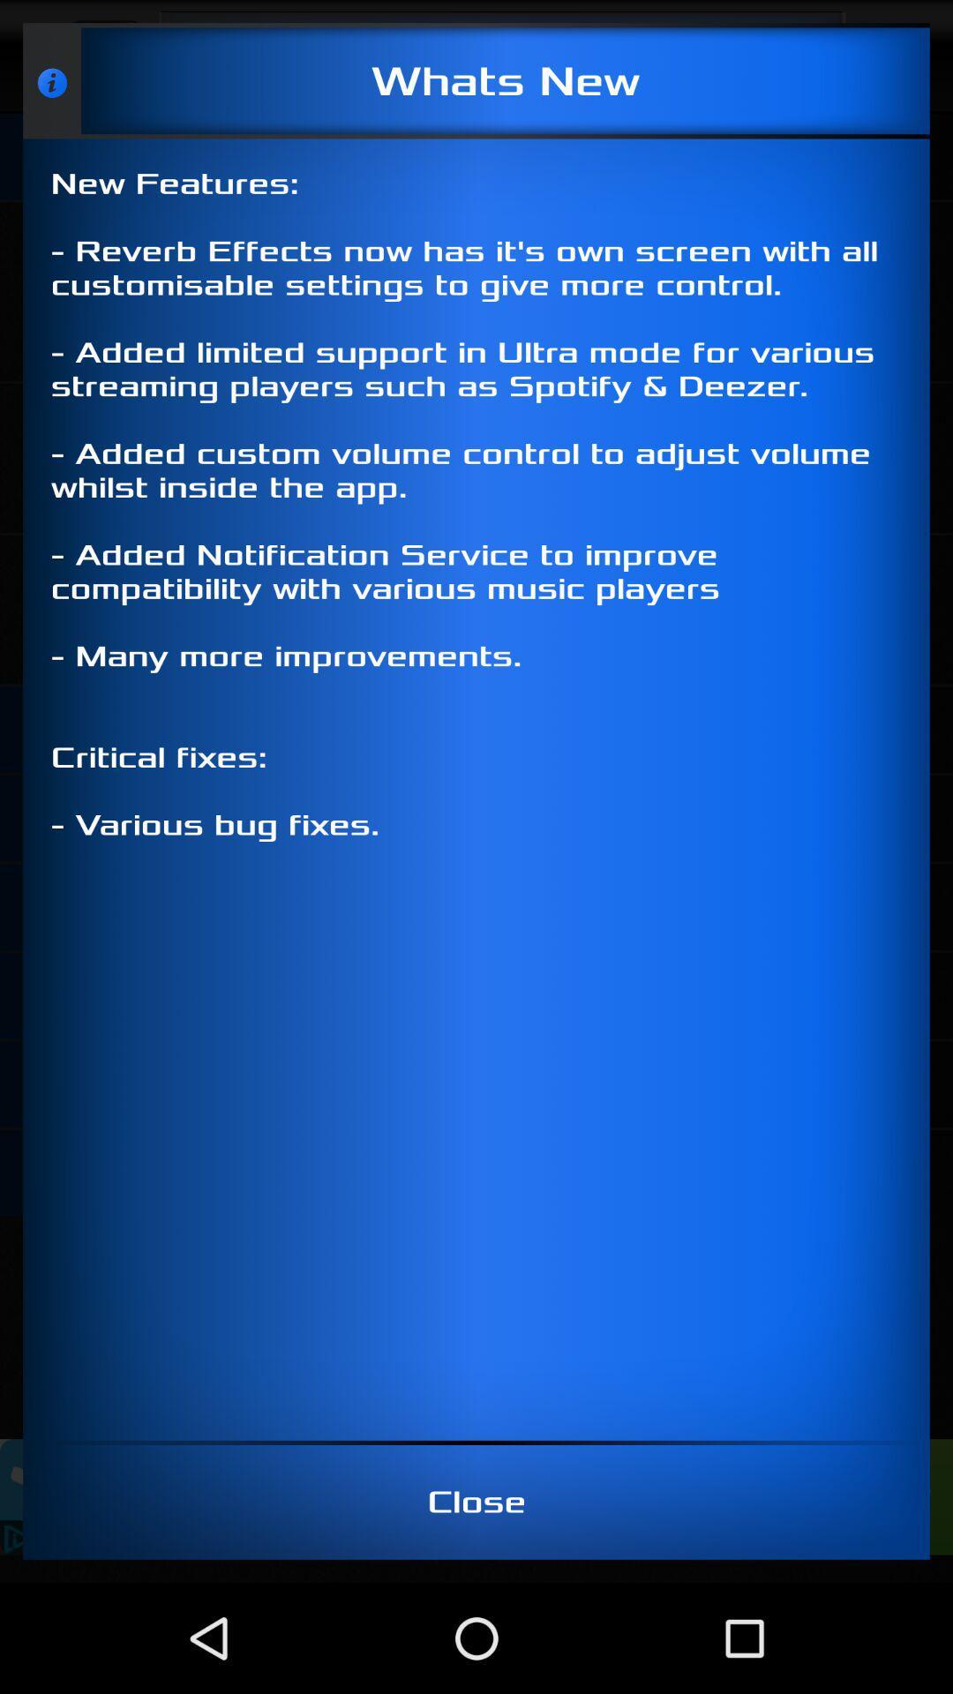 Image resolution: width=953 pixels, height=1694 pixels. What do you see at coordinates (476, 1501) in the screenshot?
I see `close` at bounding box center [476, 1501].